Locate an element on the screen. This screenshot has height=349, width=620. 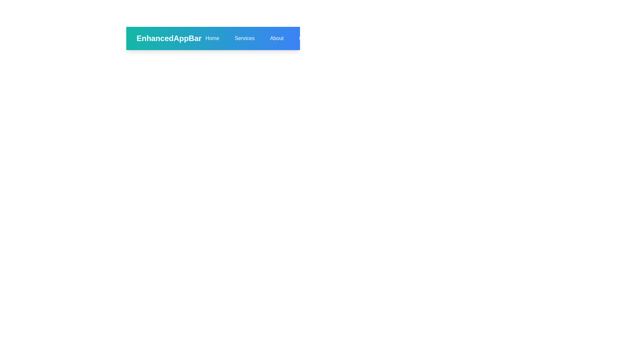
the Services navigation link is located at coordinates (244, 38).